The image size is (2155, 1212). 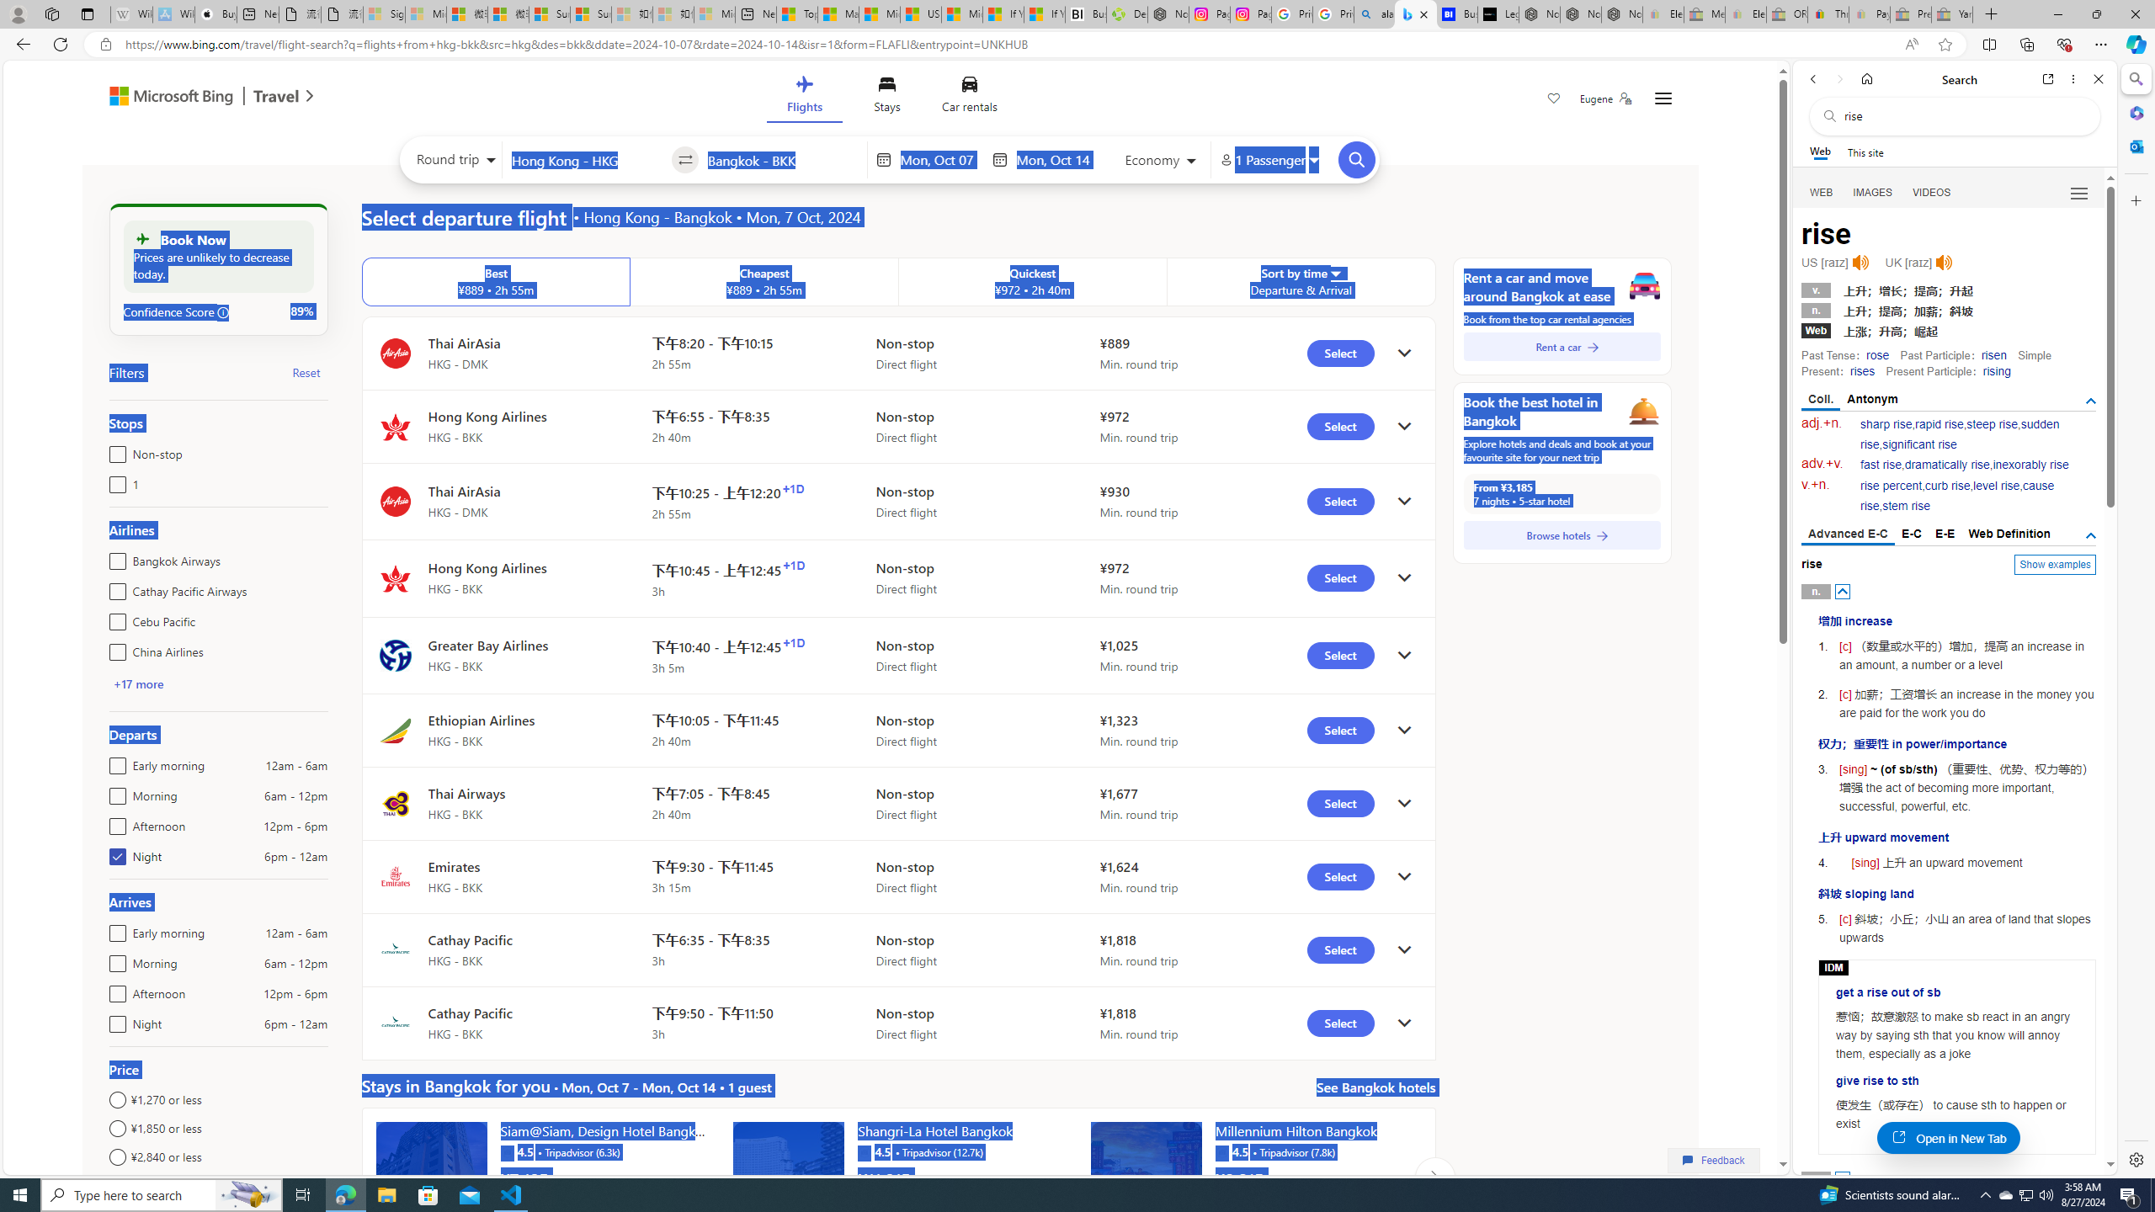 I want to click on 'Sort by time Sorter Departure & Arrival', so click(x=1301, y=281).